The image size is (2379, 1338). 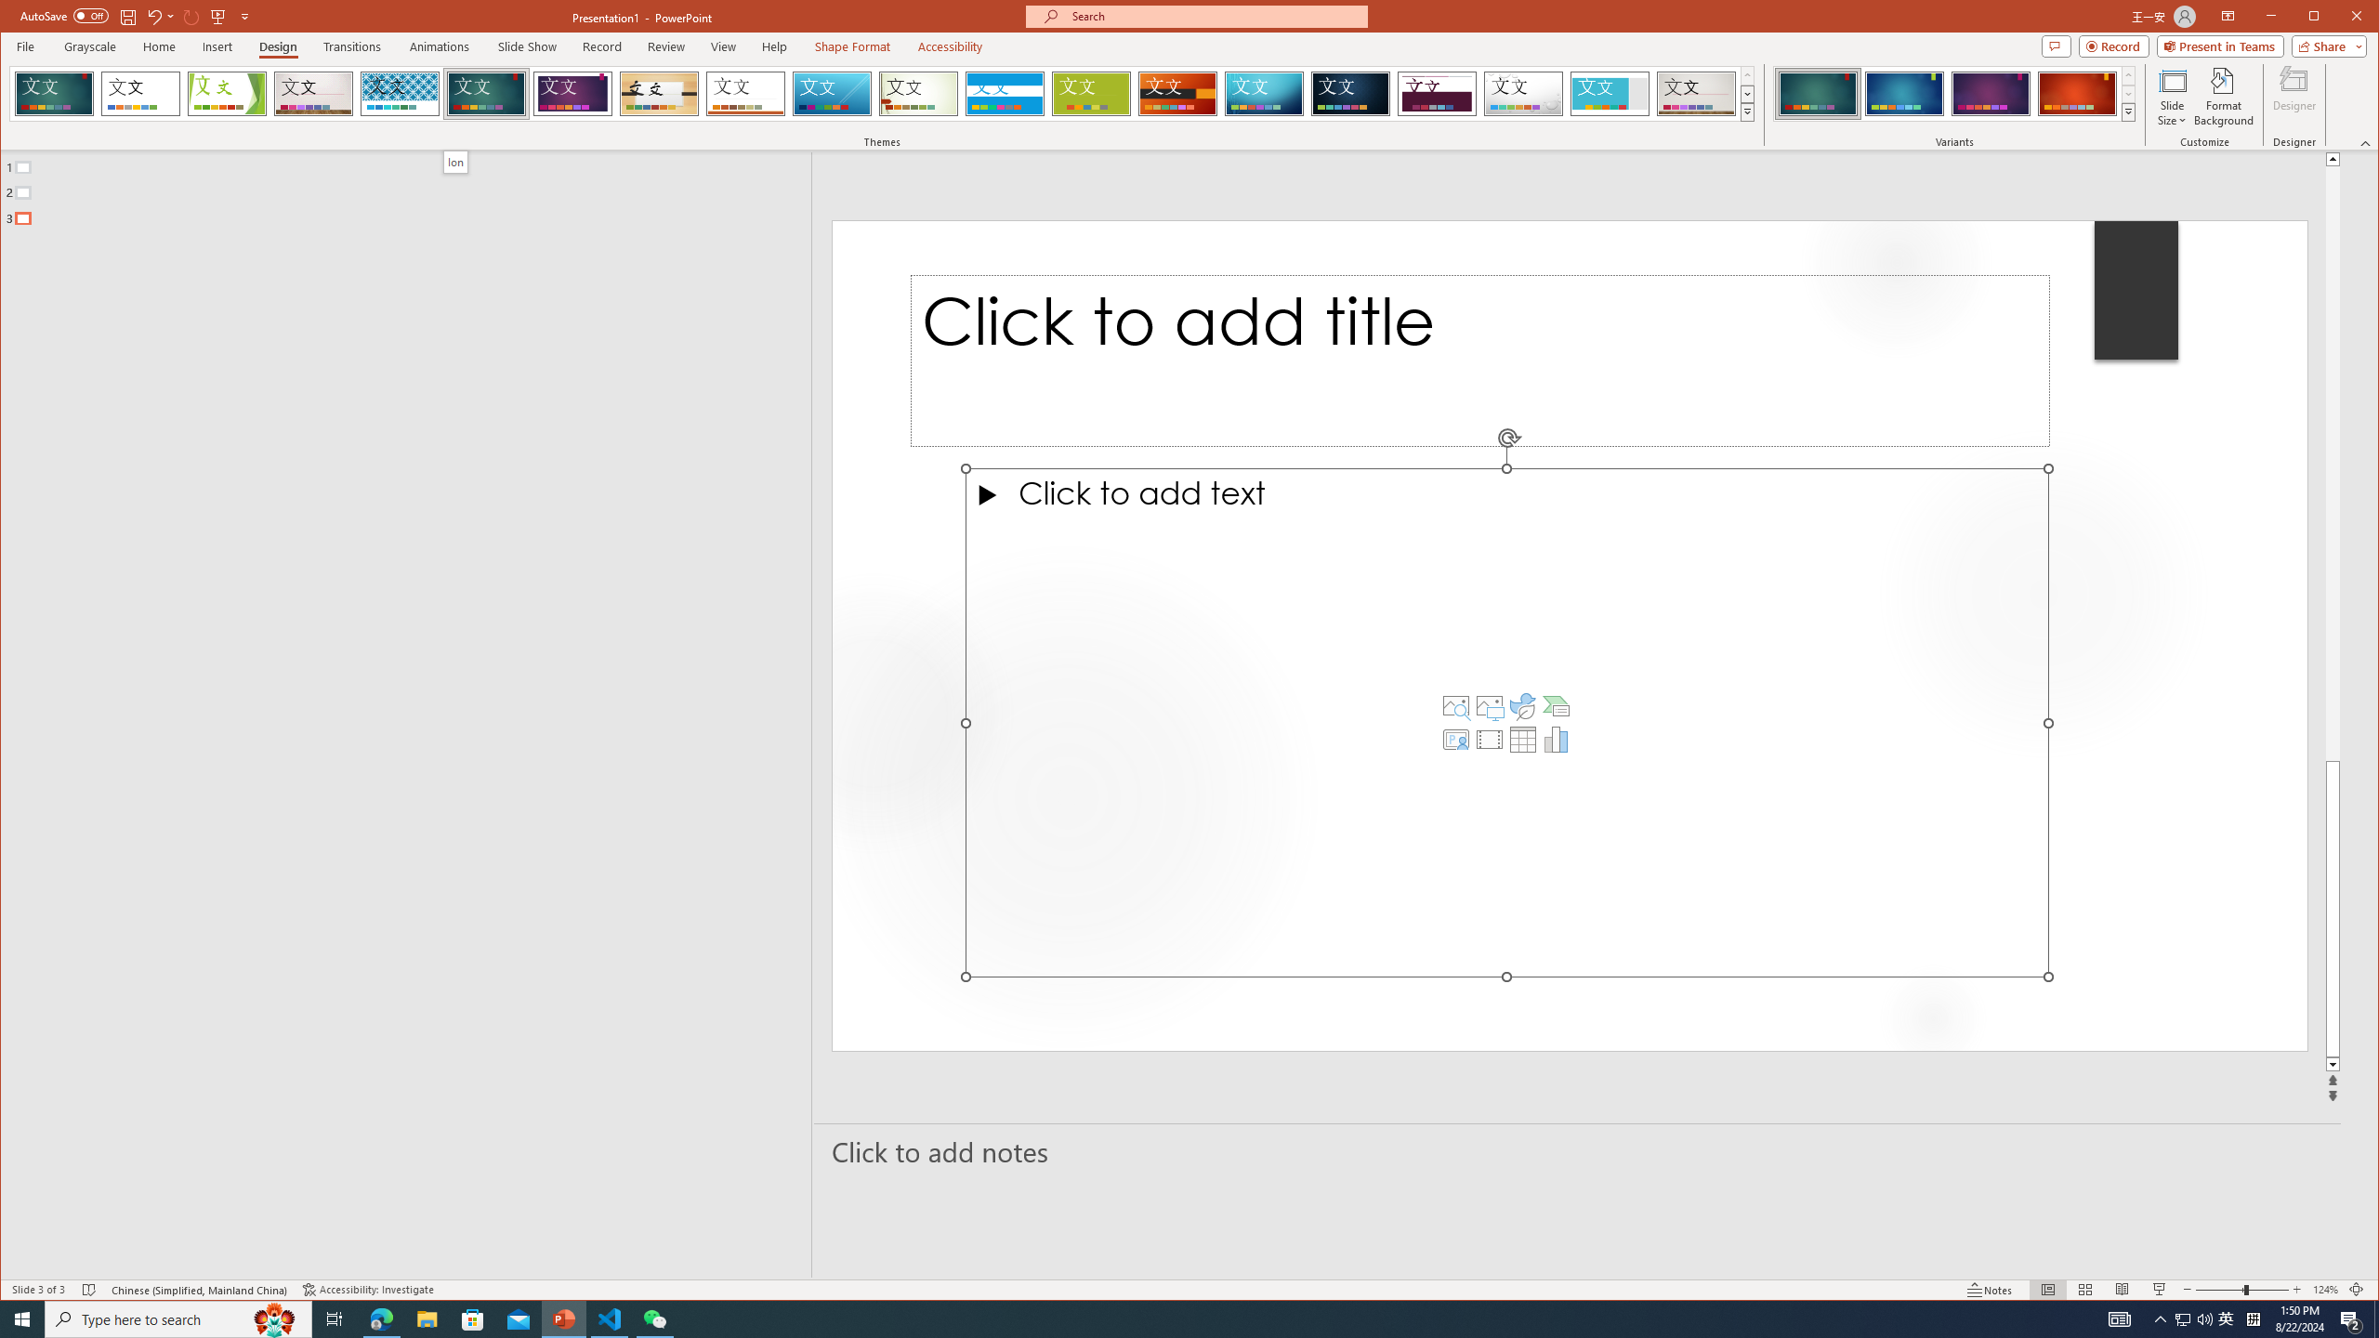 I want to click on 'Zoom 124%', so click(x=2325, y=1289).